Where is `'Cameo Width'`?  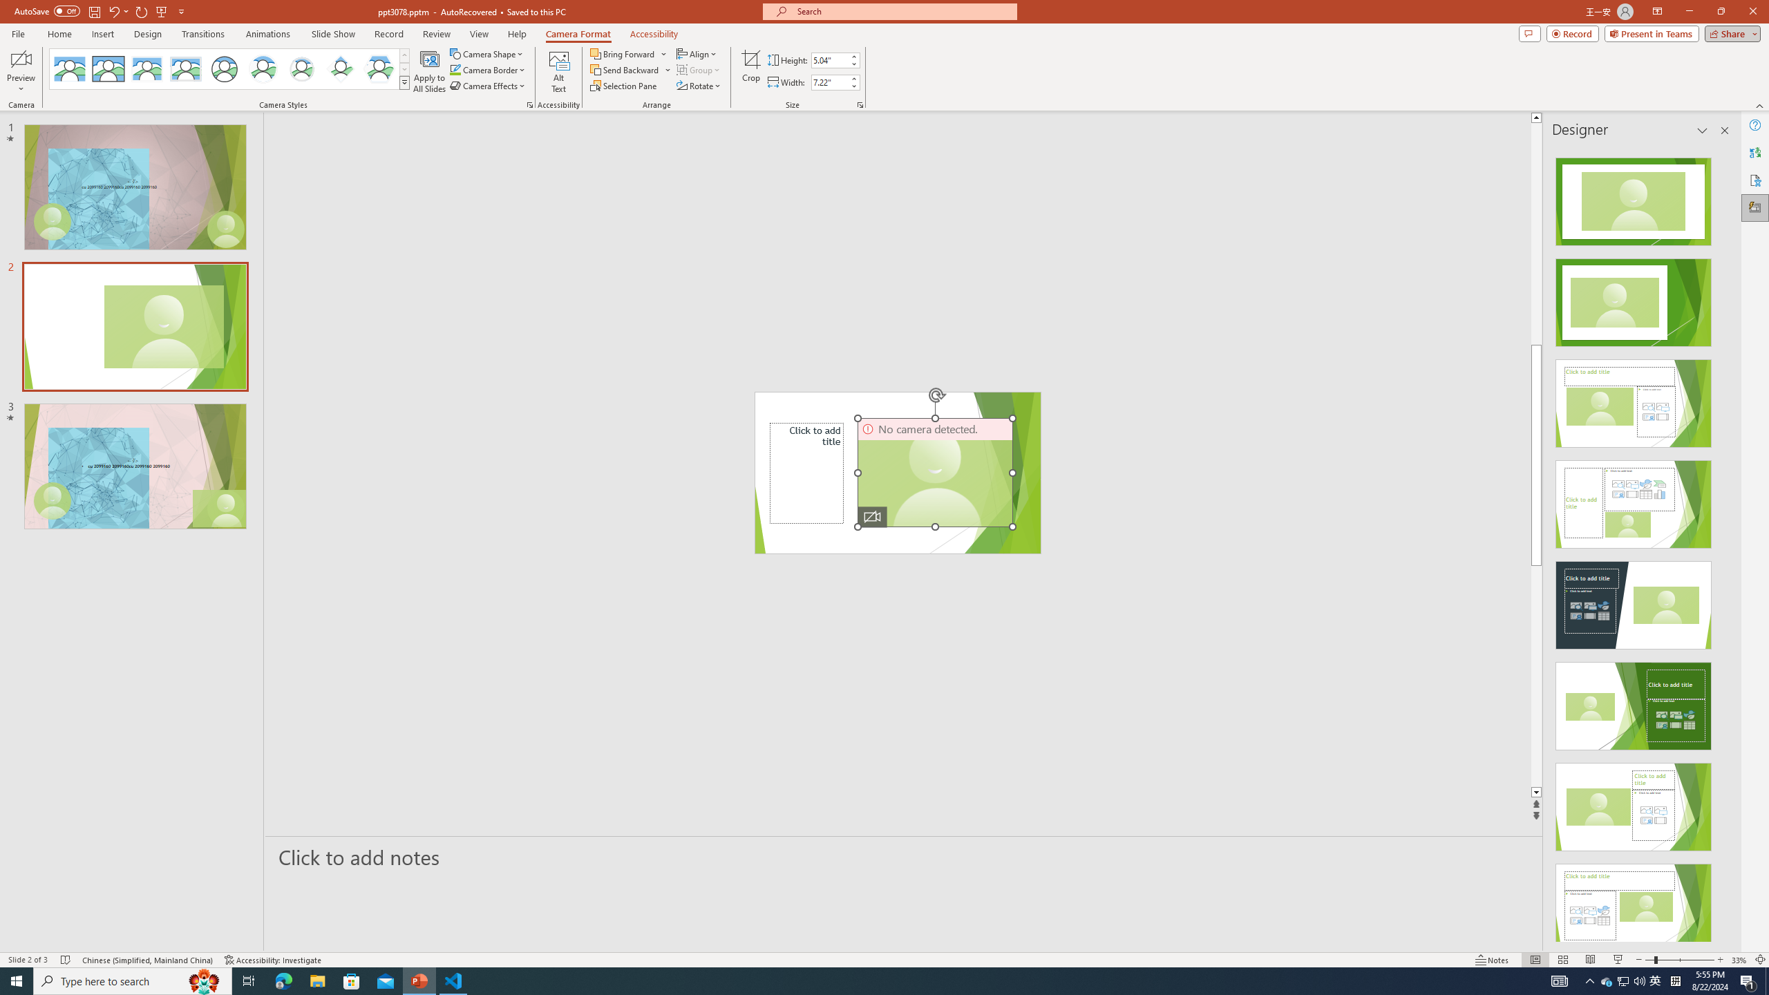
'Cameo Width' is located at coordinates (829, 82).